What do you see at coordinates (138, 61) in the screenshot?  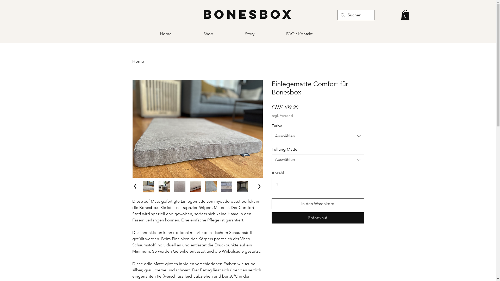 I see `'Home'` at bounding box center [138, 61].